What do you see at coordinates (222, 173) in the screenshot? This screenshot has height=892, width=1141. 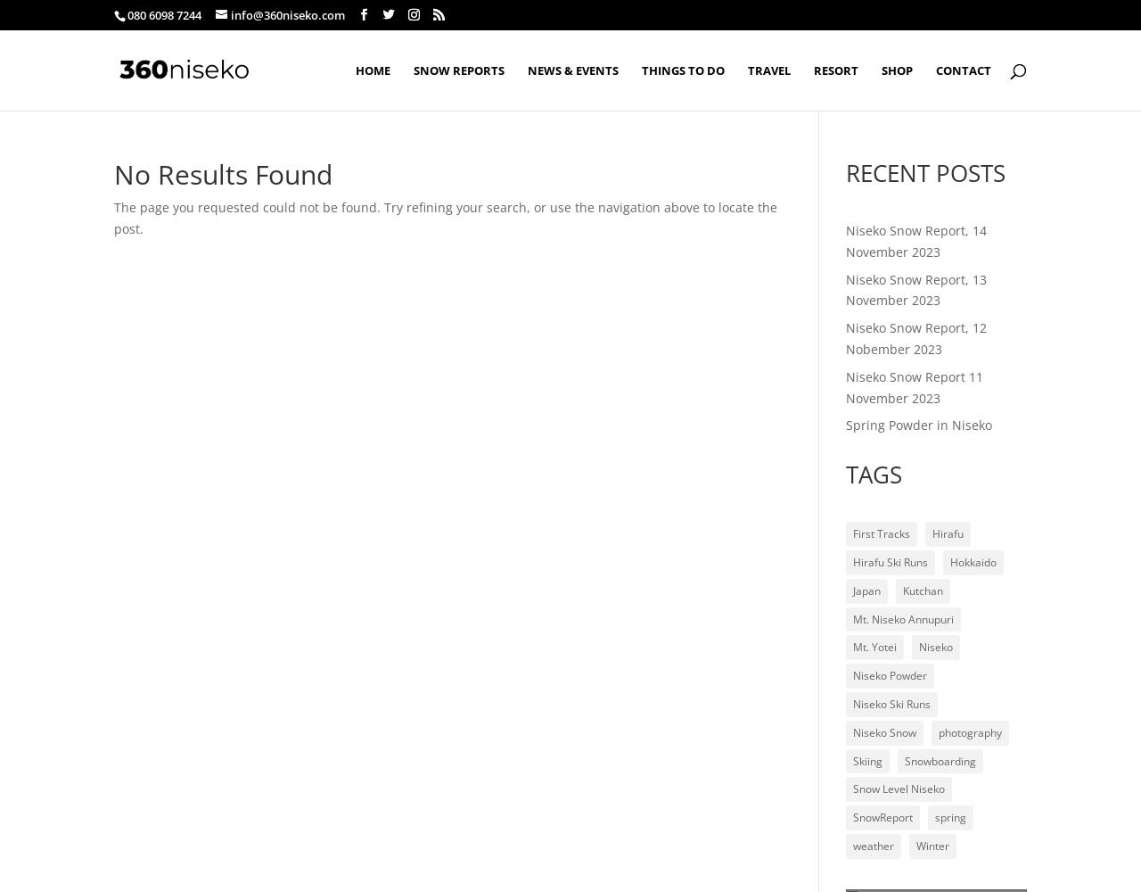 I see `'No Results Found'` at bounding box center [222, 173].